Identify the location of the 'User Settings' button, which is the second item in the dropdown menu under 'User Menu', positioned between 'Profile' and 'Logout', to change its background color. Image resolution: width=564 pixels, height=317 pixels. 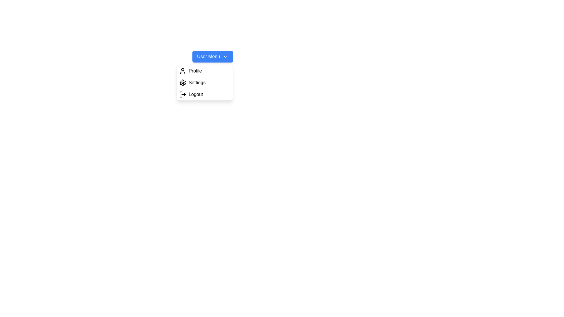
(205, 82).